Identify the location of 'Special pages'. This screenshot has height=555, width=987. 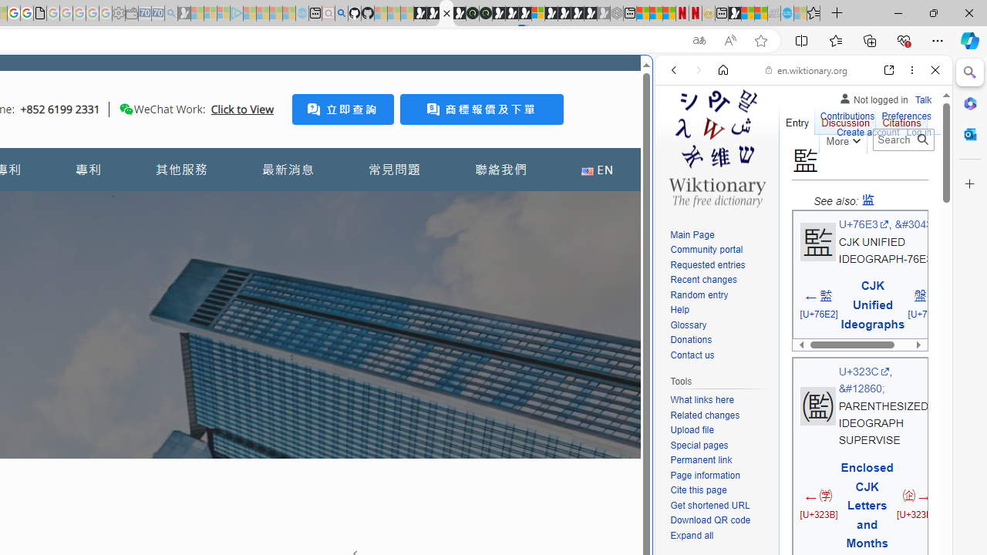
(698, 445).